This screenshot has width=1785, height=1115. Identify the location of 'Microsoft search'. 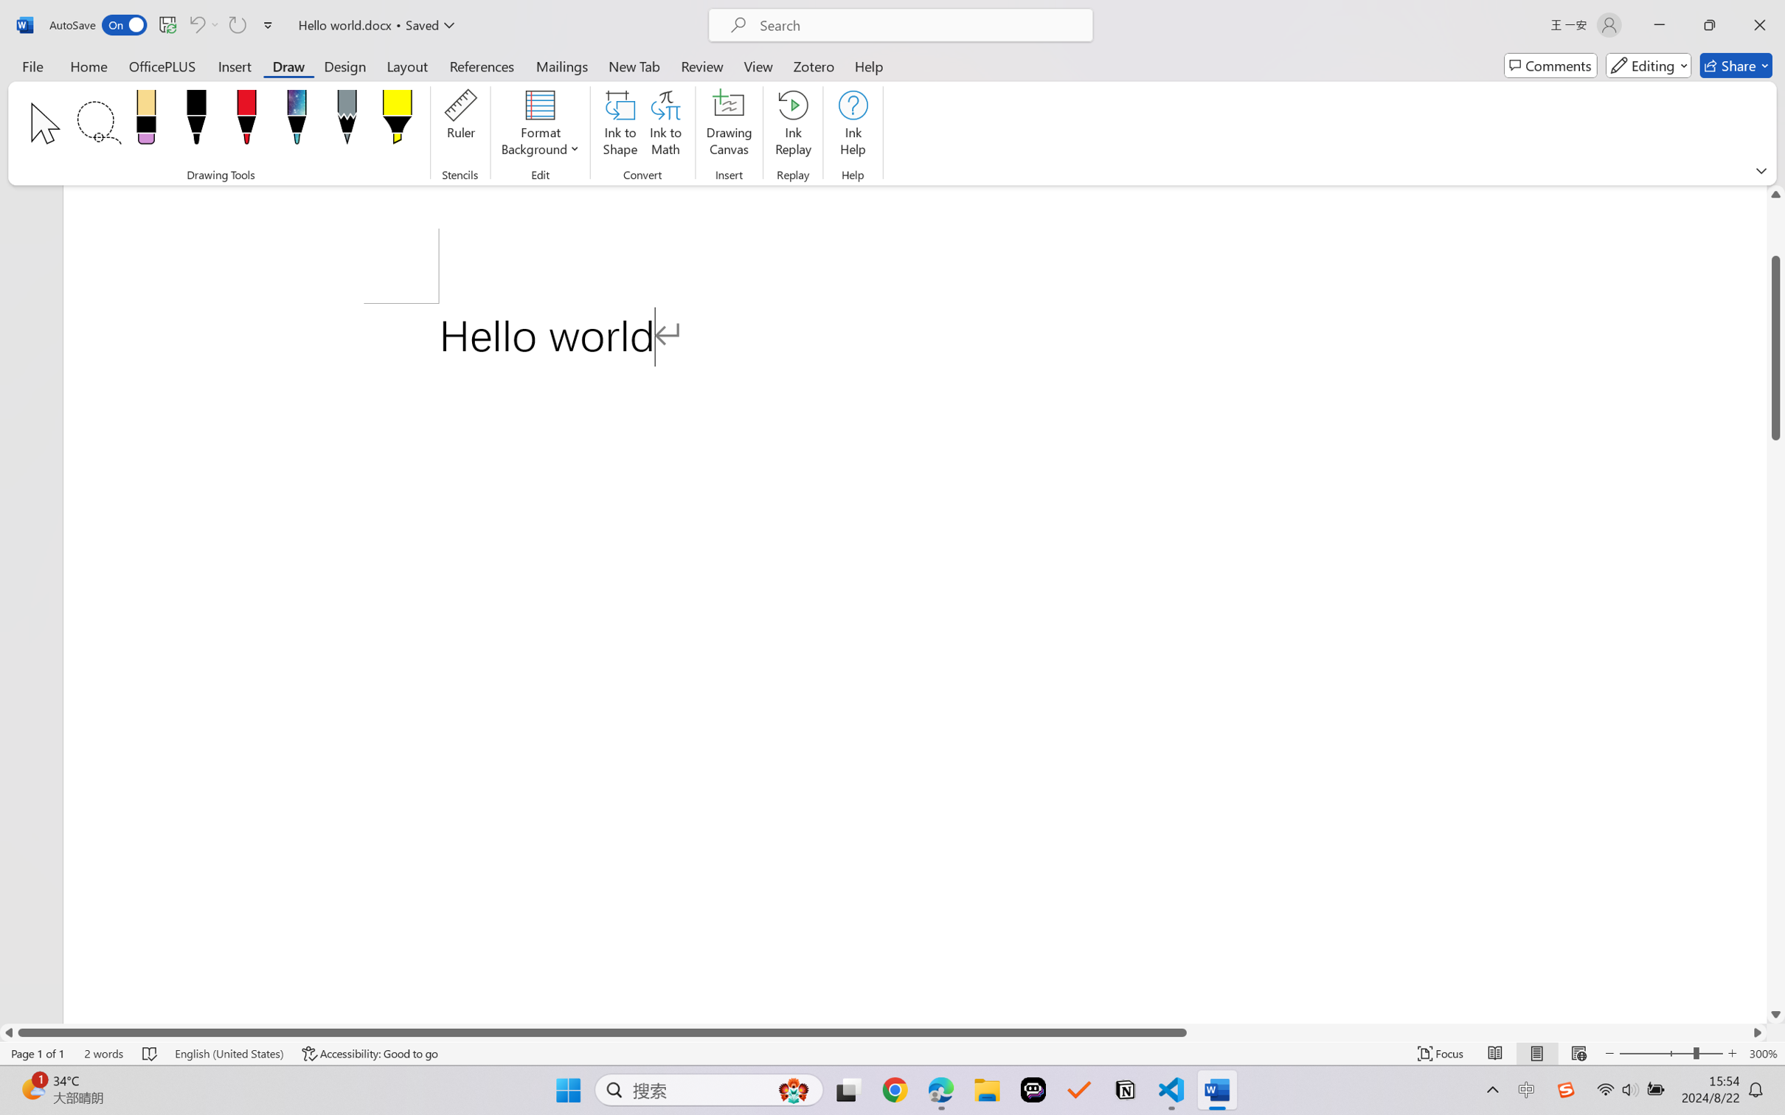
(919, 24).